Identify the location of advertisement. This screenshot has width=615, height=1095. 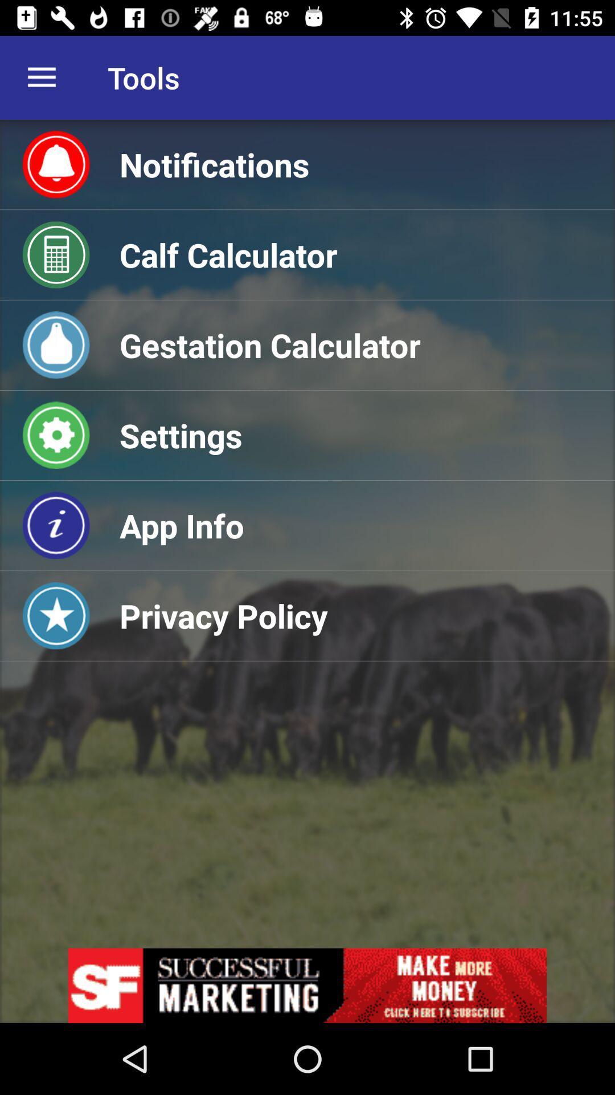
(307, 985).